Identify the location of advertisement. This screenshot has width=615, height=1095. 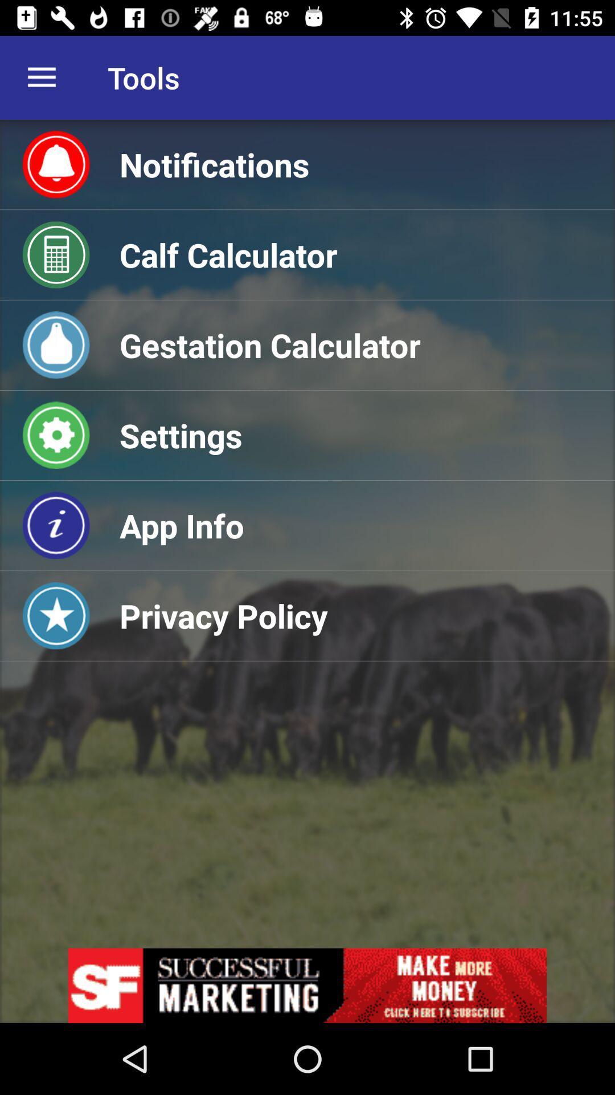
(307, 985).